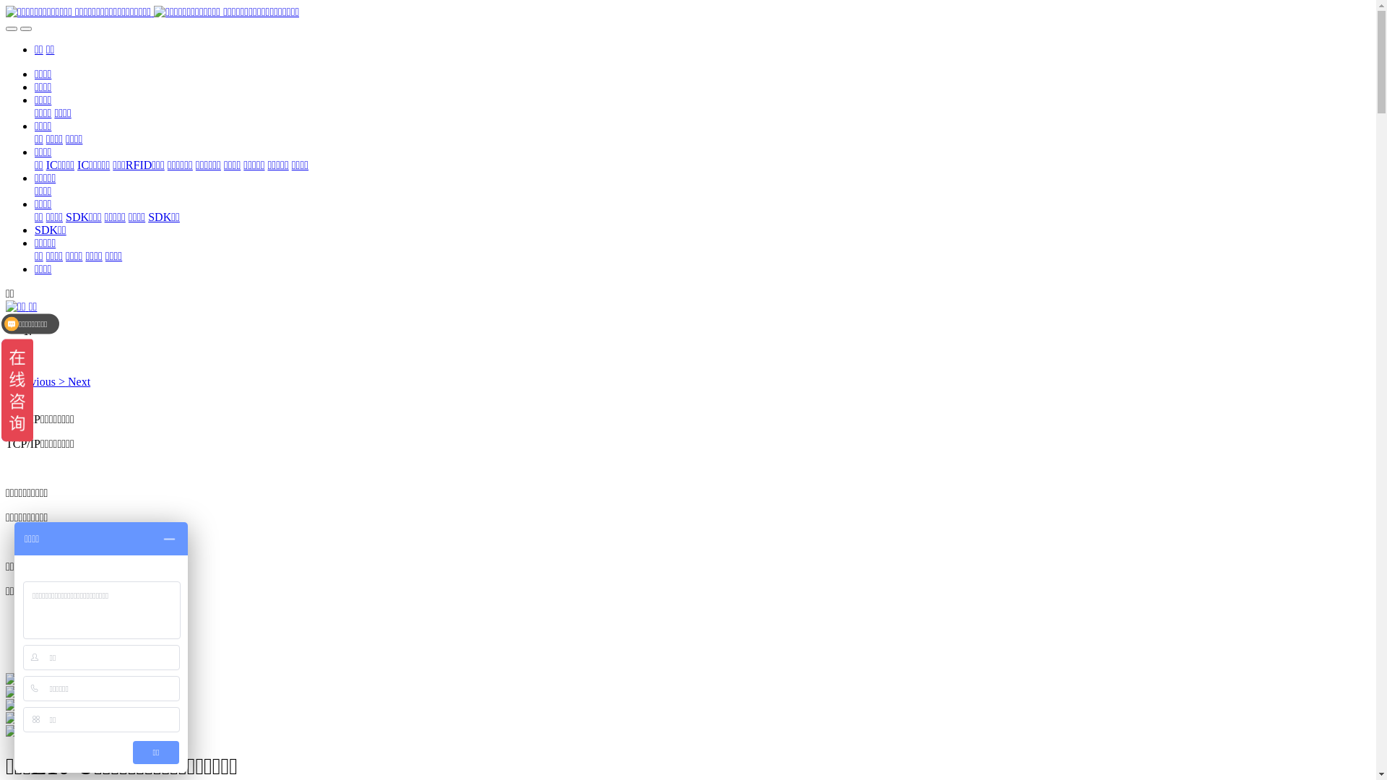 The width and height of the screenshot is (1387, 780). Describe the element at coordinates (32, 381) in the screenshot. I see `'< Previous'` at that location.